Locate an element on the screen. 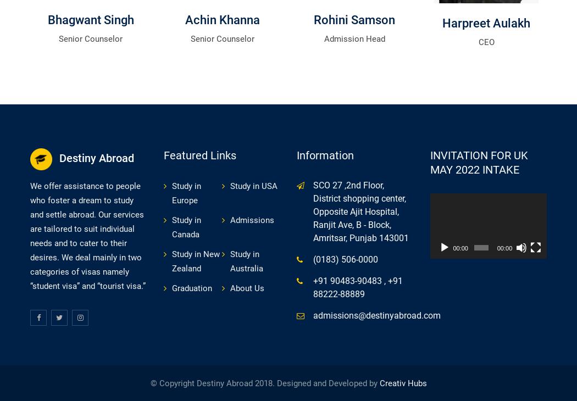  'Admissions' is located at coordinates (252, 219).